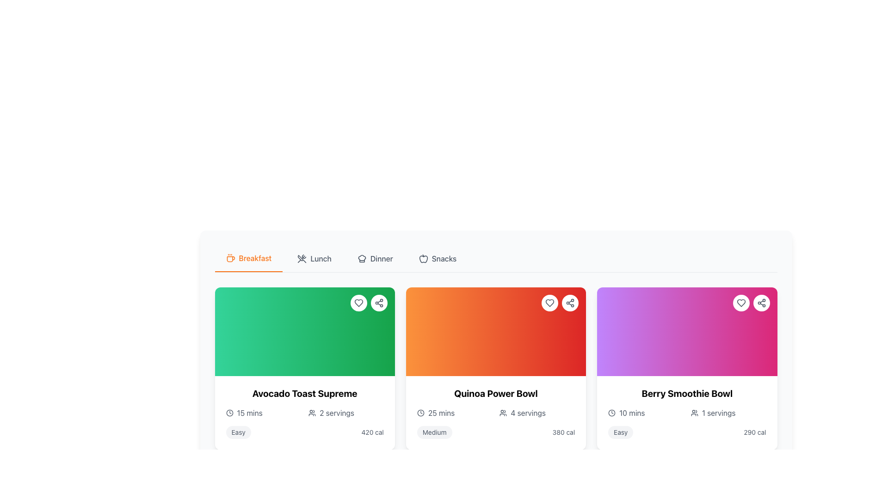  Describe the element at coordinates (570, 303) in the screenshot. I see `the sharing icon located in the top-right corner of the orange card labeled 'Quinoa Power Bowl'` at that location.